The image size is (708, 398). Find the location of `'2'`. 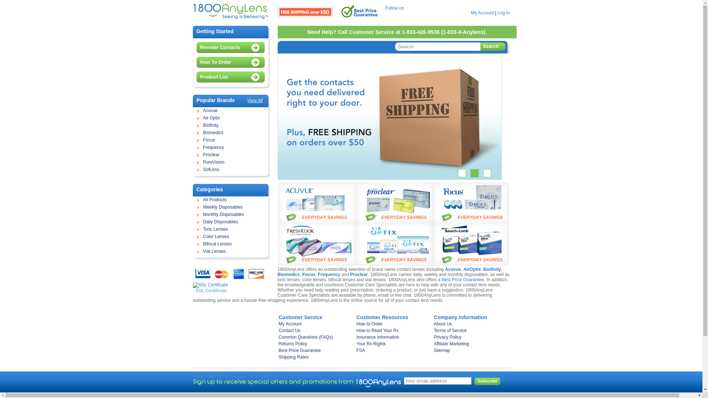

'2' is located at coordinates (470, 173).